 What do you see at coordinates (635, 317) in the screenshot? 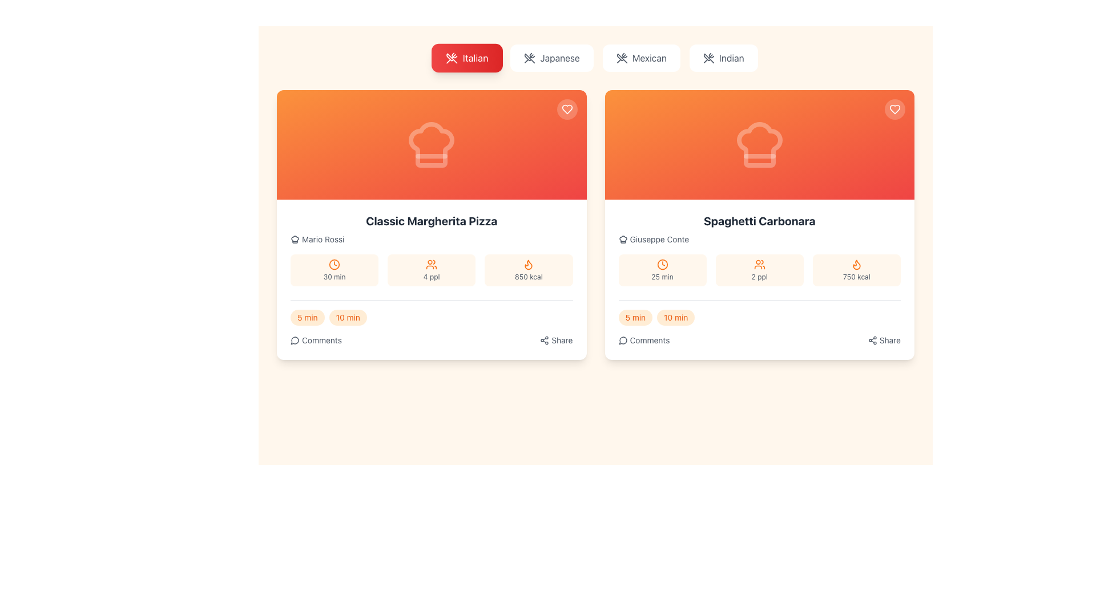
I see `the button that indicates preparation or cooking time for the 'Spaghetti Carbonara' recipe` at bounding box center [635, 317].